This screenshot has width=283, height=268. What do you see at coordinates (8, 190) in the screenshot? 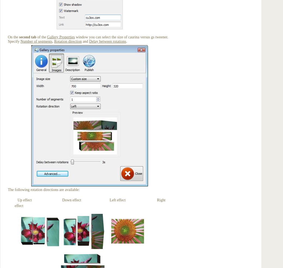
I see `'The following rotation directions are available:'` at bounding box center [8, 190].